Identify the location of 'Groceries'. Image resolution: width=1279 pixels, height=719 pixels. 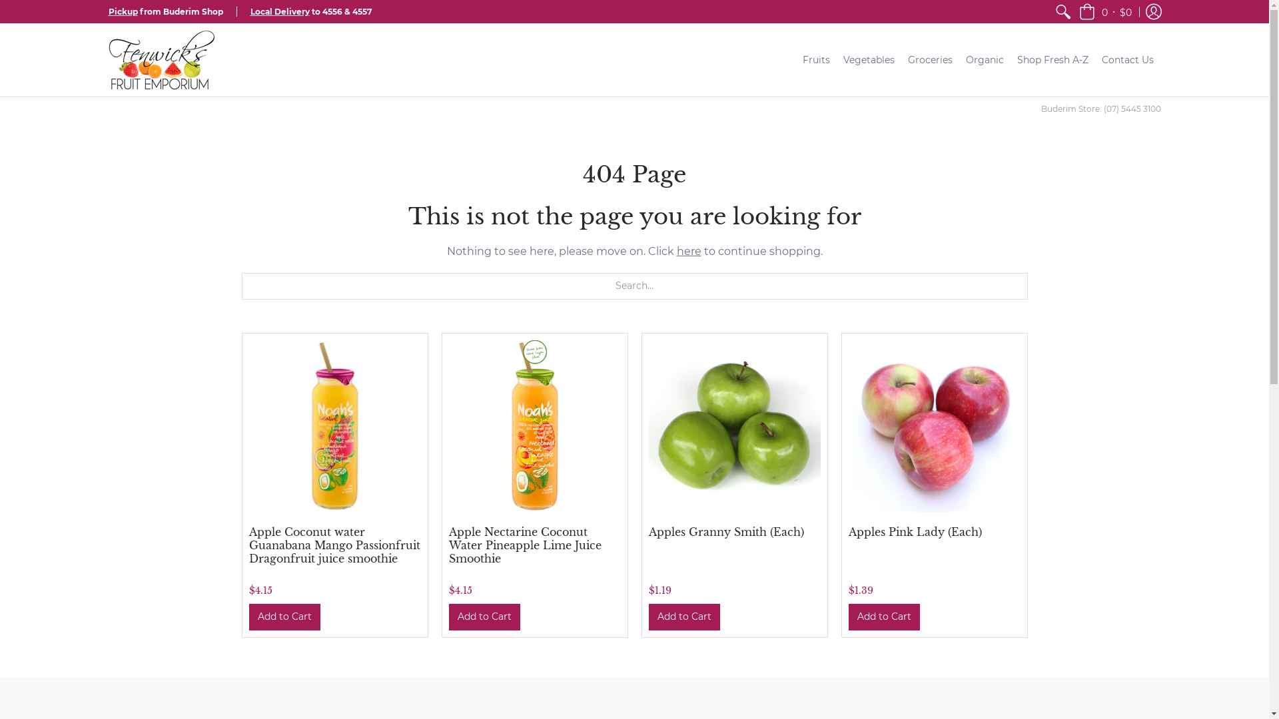
(929, 59).